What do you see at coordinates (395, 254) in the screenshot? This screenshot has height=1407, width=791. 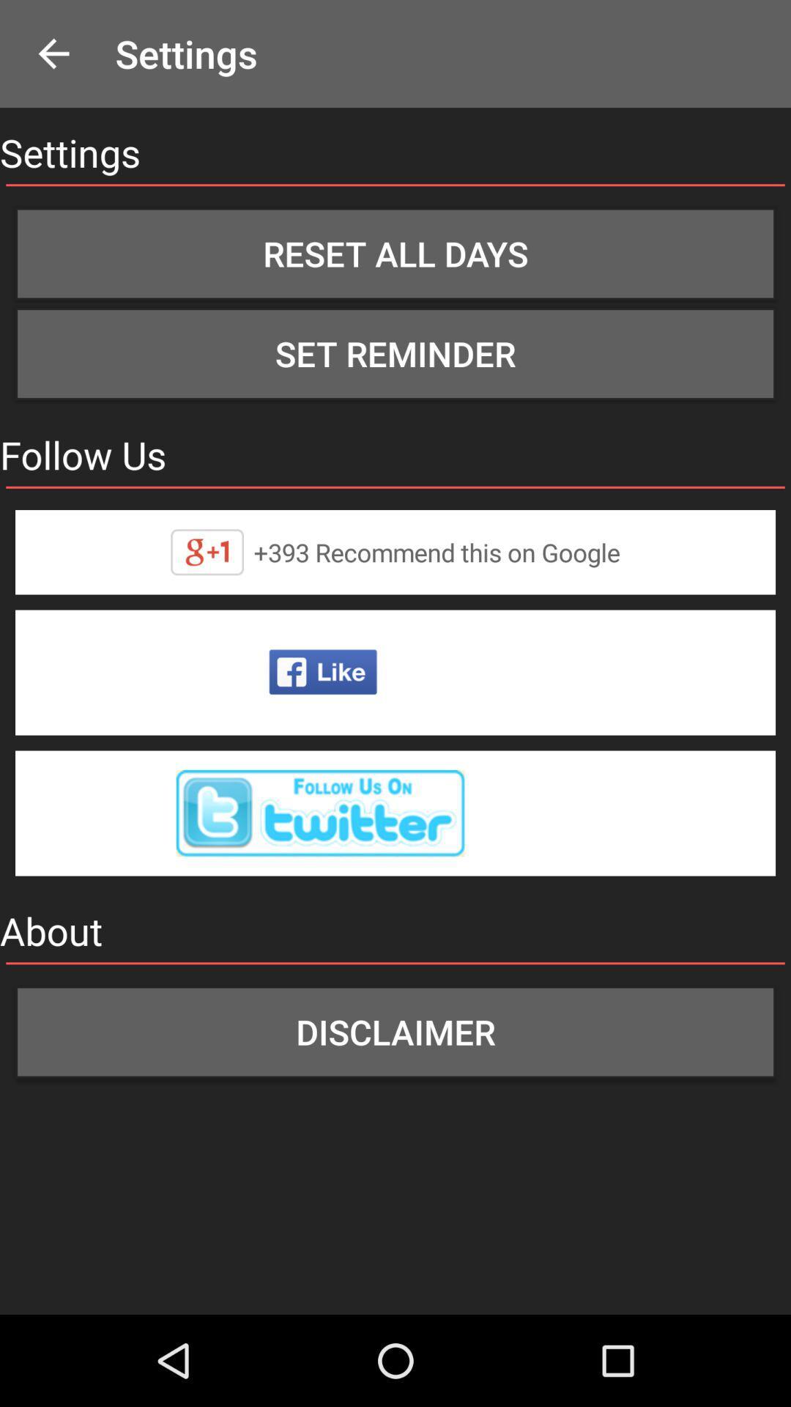 I see `reset all days icon` at bounding box center [395, 254].